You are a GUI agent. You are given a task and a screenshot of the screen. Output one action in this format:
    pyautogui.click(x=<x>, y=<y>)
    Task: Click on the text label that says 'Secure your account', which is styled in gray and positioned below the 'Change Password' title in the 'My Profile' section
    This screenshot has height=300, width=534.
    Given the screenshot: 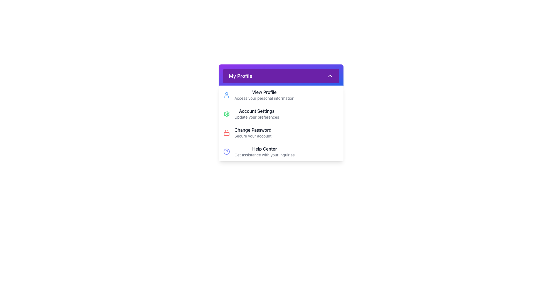 What is the action you would take?
    pyautogui.click(x=253, y=136)
    